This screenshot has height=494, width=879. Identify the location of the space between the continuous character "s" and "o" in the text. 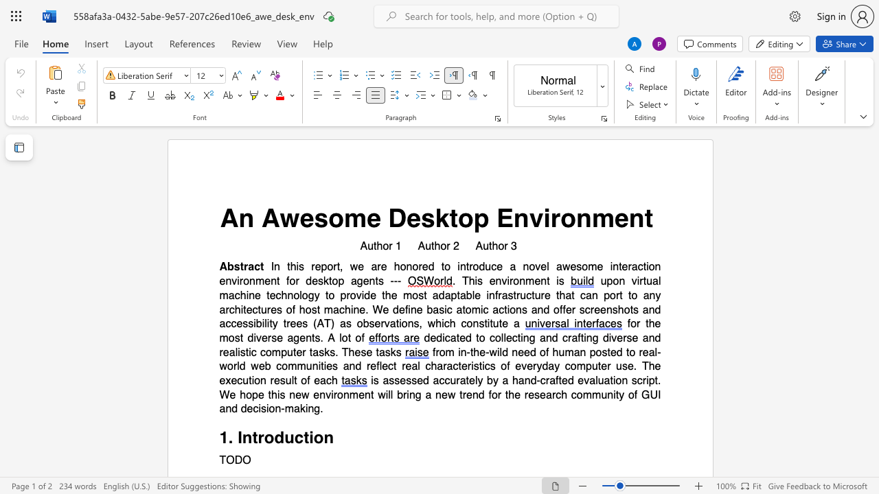
(328, 217).